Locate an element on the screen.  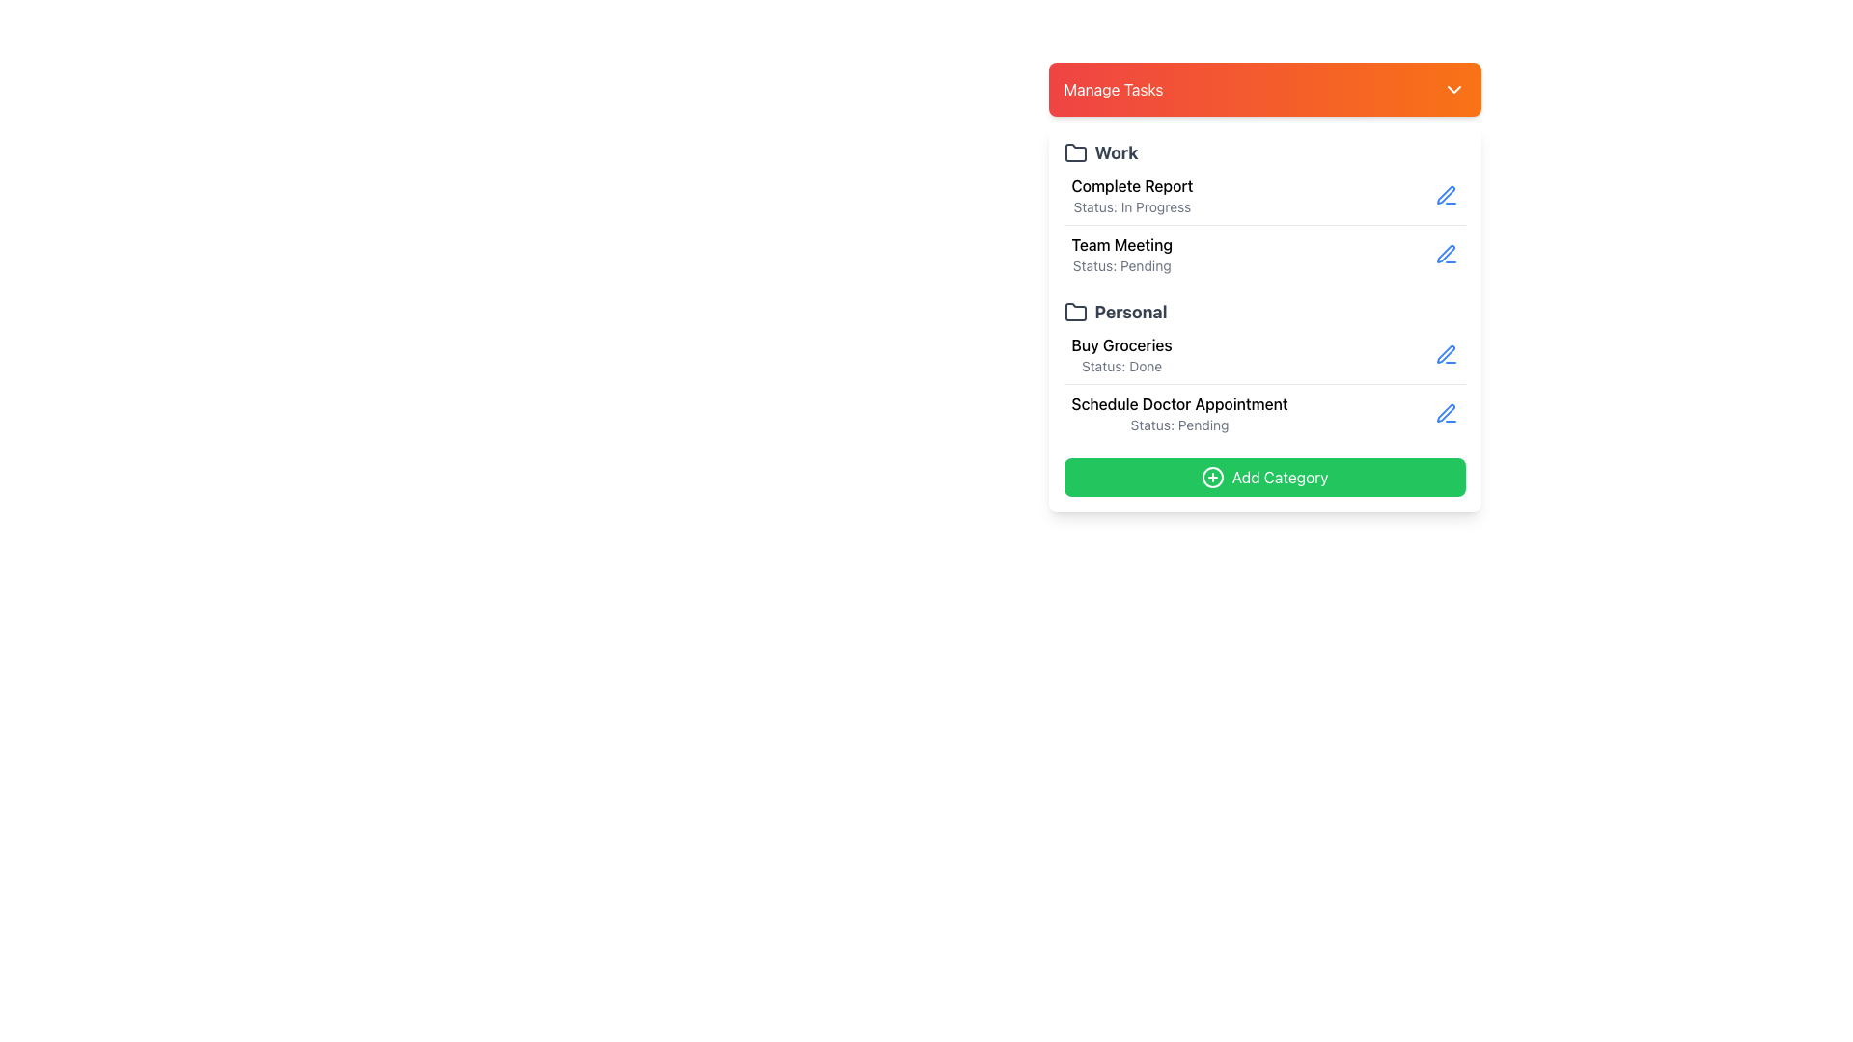
the Text label indicating the completion status of the task under the 'Buy Groceries' section, which is located within the 'Personal' category is located at coordinates (1121, 367).